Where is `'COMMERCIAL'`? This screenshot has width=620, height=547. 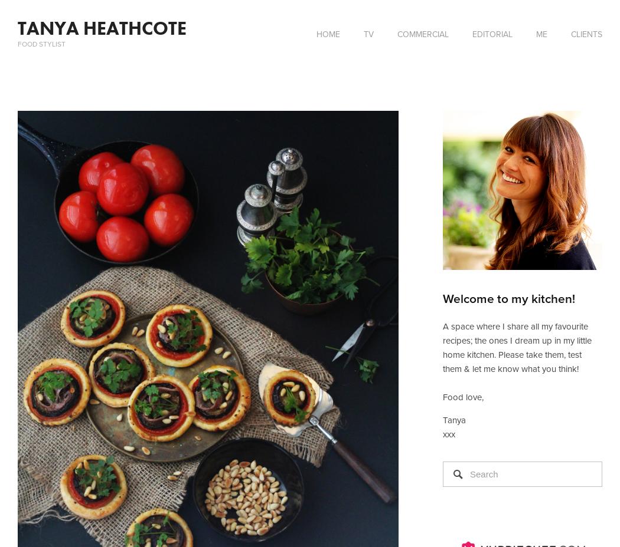
'COMMERCIAL' is located at coordinates (422, 34).